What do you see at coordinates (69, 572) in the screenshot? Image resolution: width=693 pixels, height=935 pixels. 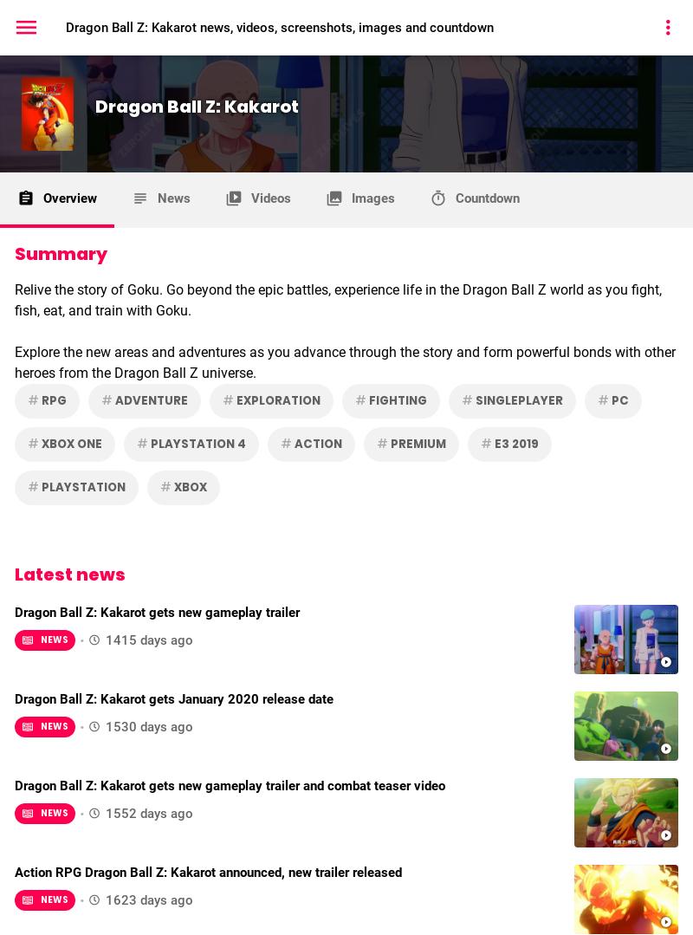 I see `'Latest news'` at bounding box center [69, 572].